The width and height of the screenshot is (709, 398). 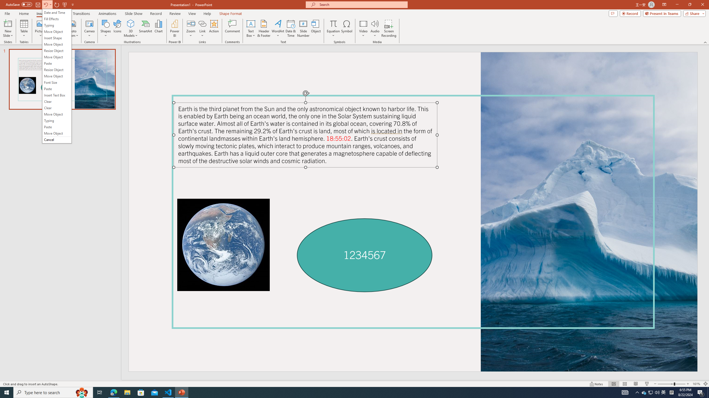 What do you see at coordinates (251, 28) in the screenshot?
I see `'Text Box'` at bounding box center [251, 28].